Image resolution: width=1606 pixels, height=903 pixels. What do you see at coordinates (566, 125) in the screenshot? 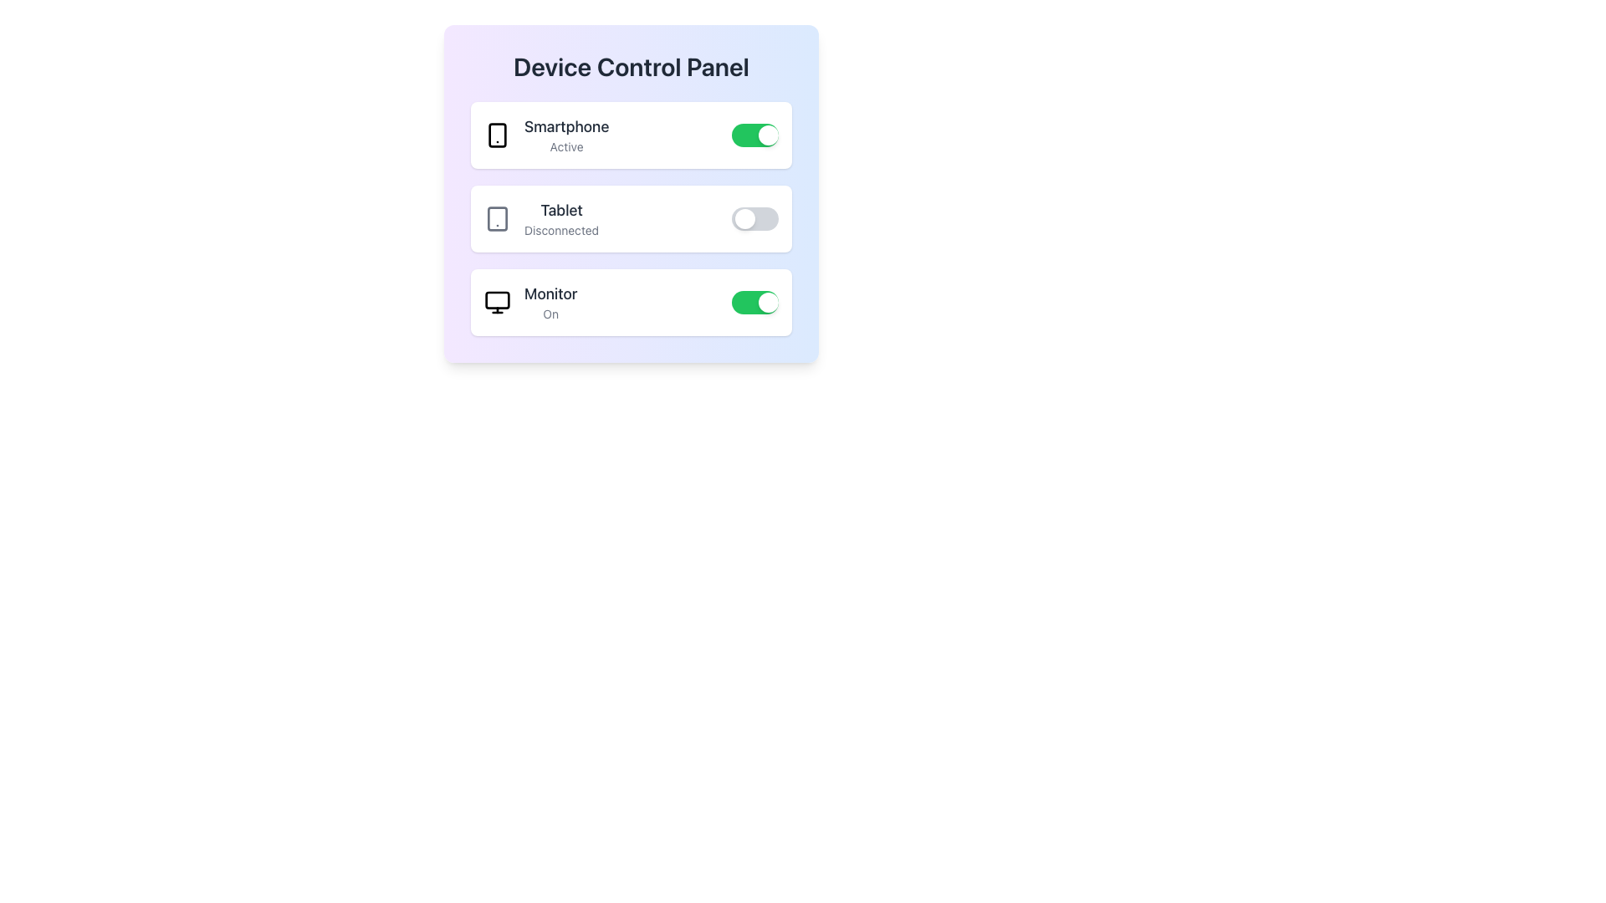
I see `the text label displaying 'Smartphone', which is styled in bold dark gray font and located in the Device Control Panel above the 'Active' text` at bounding box center [566, 125].